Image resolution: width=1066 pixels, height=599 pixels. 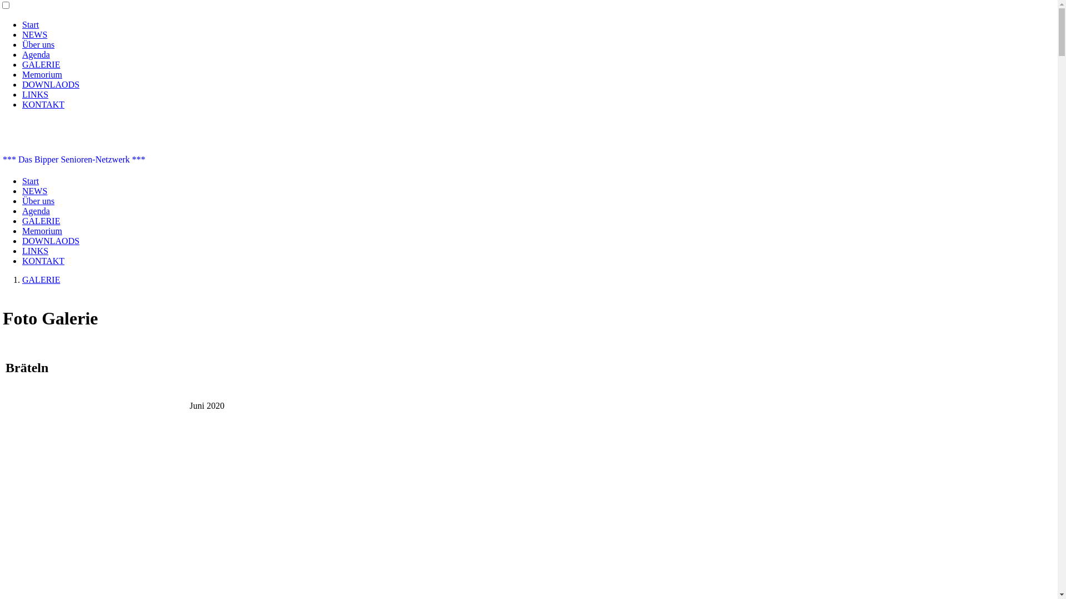 I want to click on 'DOWNLAODS', so click(x=50, y=240).